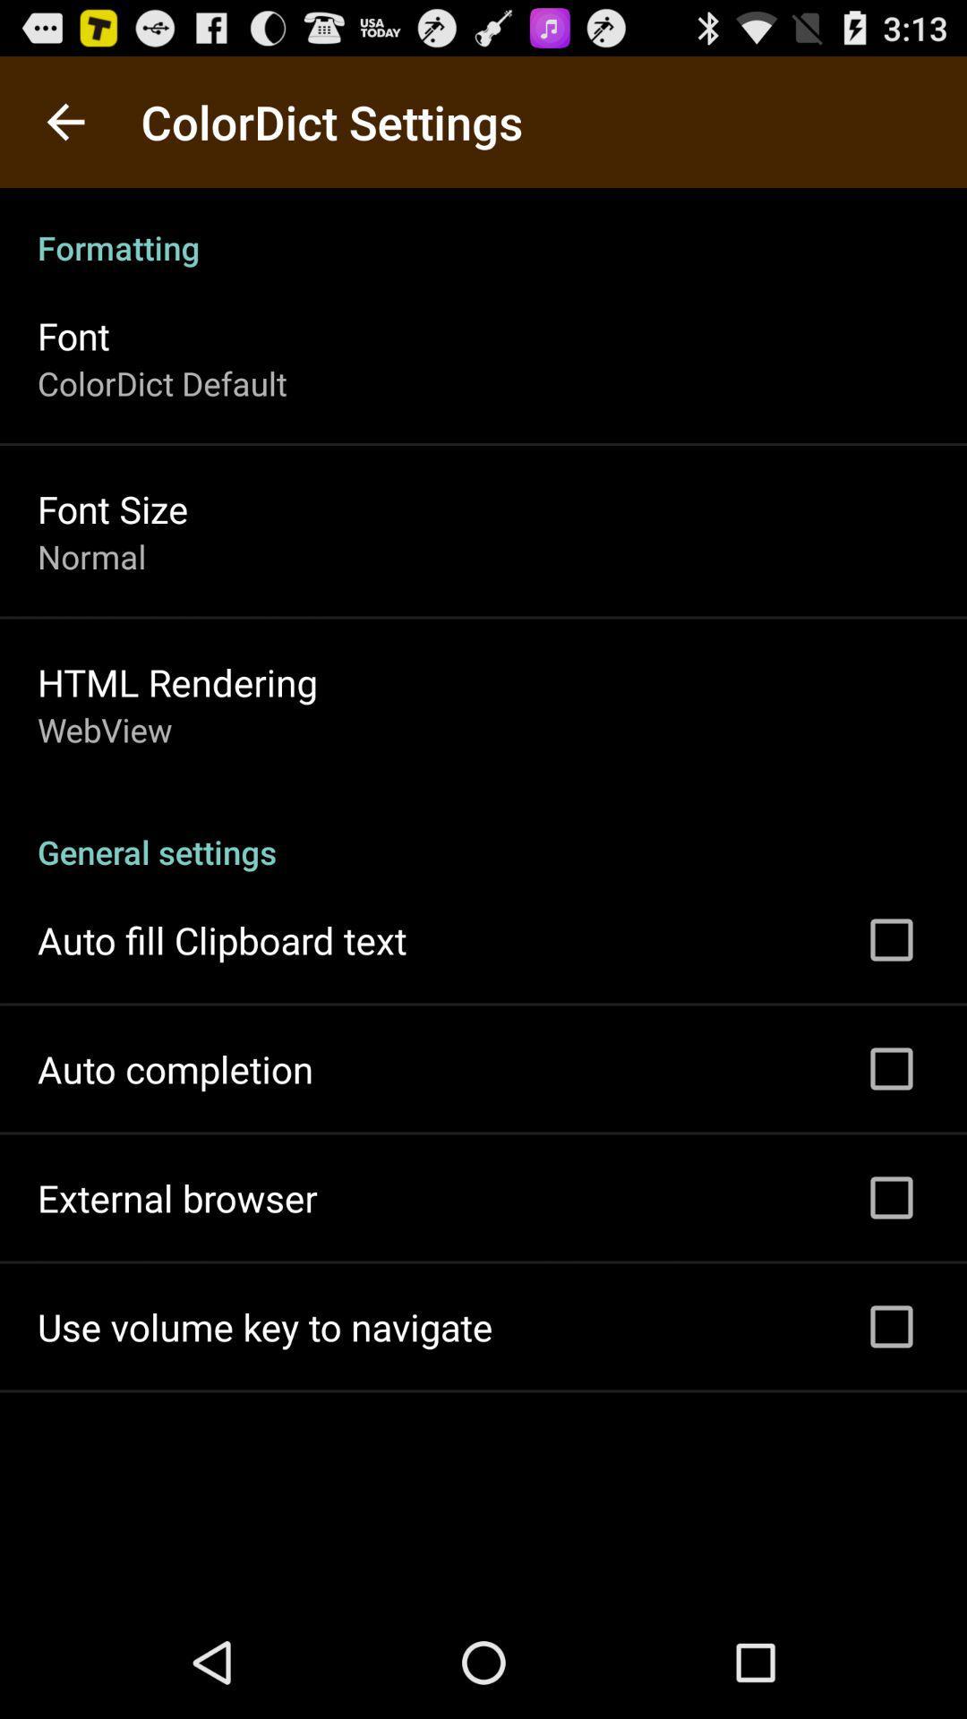 The width and height of the screenshot is (967, 1719). Describe the element at coordinates (265, 1327) in the screenshot. I see `the use volume key` at that location.